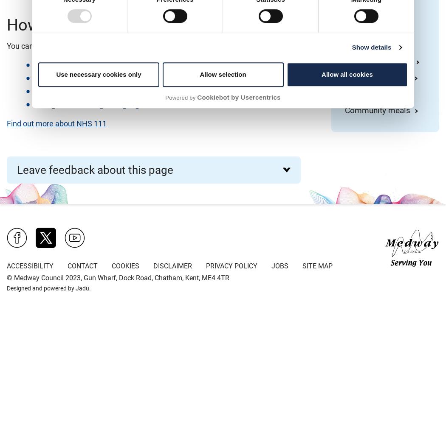  I want to click on 'Respite and short breaks', so click(375, 39).